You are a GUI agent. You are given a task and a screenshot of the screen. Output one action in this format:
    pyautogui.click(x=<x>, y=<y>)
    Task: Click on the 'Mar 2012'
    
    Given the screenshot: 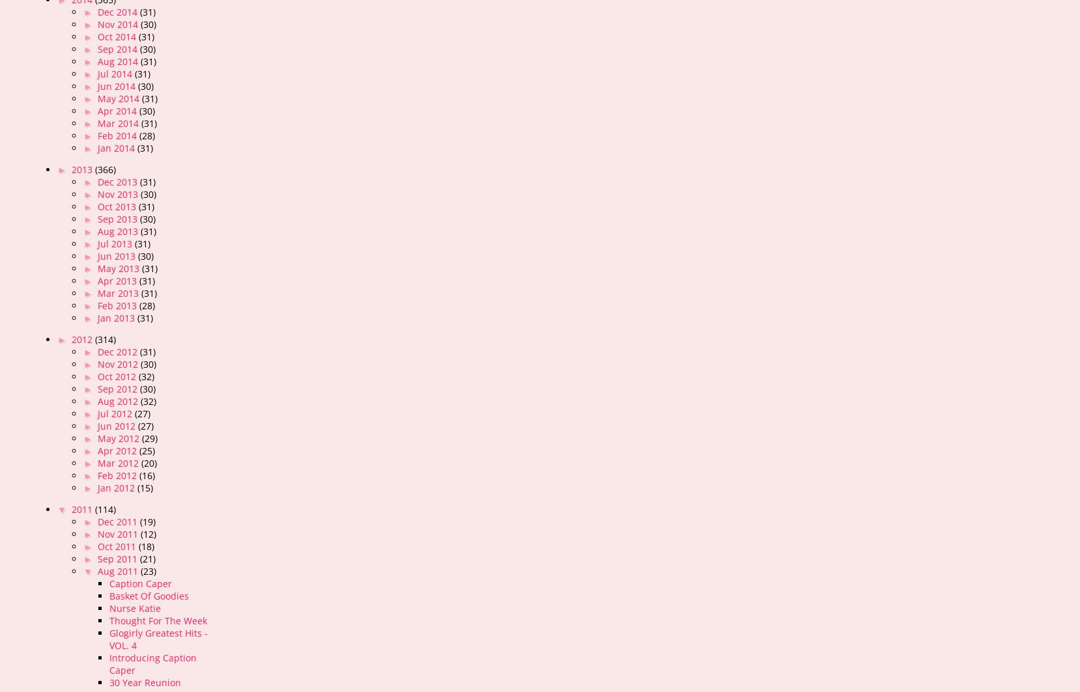 What is the action you would take?
    pyautogui.click(x=119, y=462)
    